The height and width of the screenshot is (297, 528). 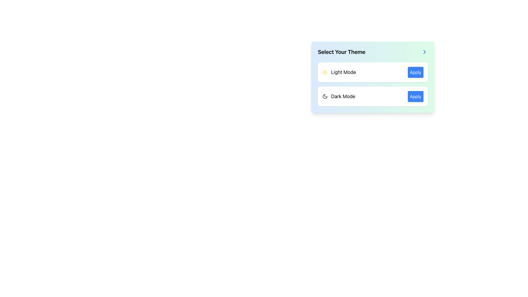 What do you see at coordinates (424, 52) in the screenshot?
I see `the icon button located at the far-right end of the header section titled 'Select Your Theme'` at bounding box center [424, 52].